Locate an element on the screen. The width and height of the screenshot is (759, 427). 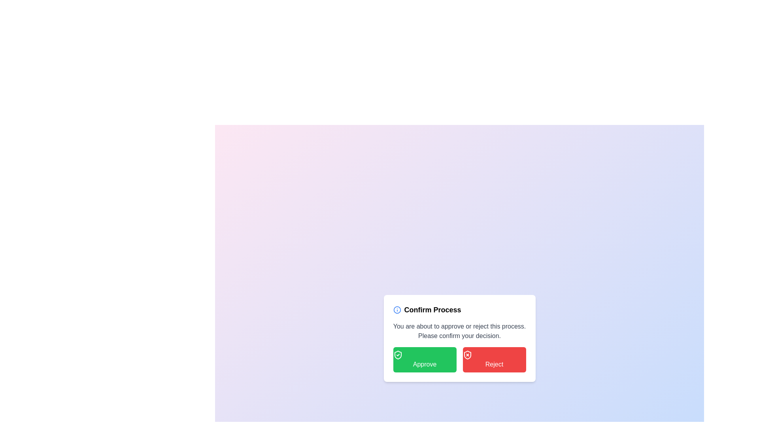
informational label that consists of the text 'You are about to approve or reject this process.' and 'Please confirm your decision.' positioned in the center of a white dialog box below the title 'Confirm Process' is located at coordinates (459, 331).